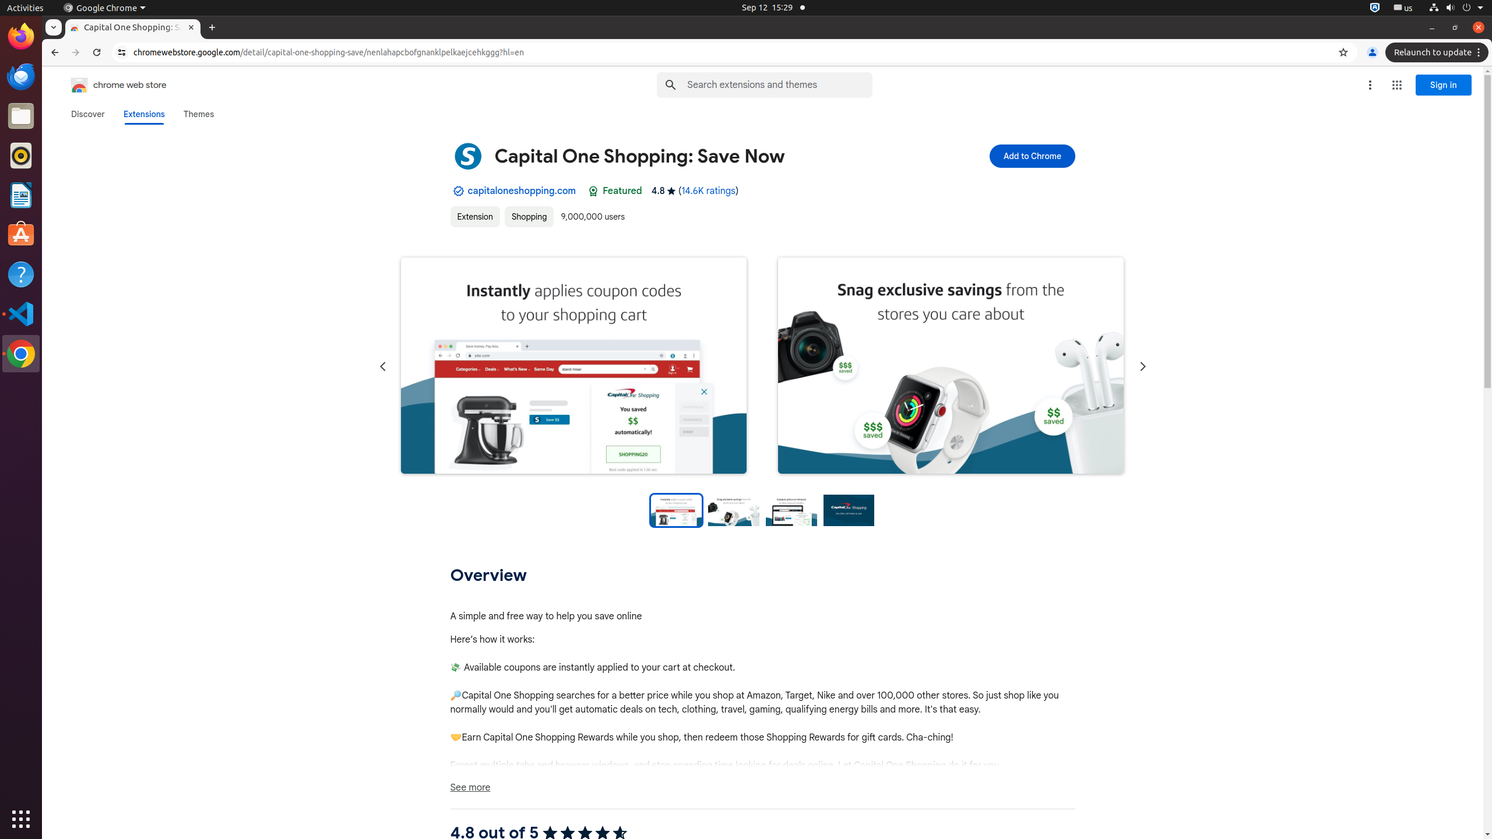 The height and width of the screenshot is (839, 1492). Describe the element at coordinates (521, 191) in the screenshot. I see `'capitaloneshopping.com'` at that location.